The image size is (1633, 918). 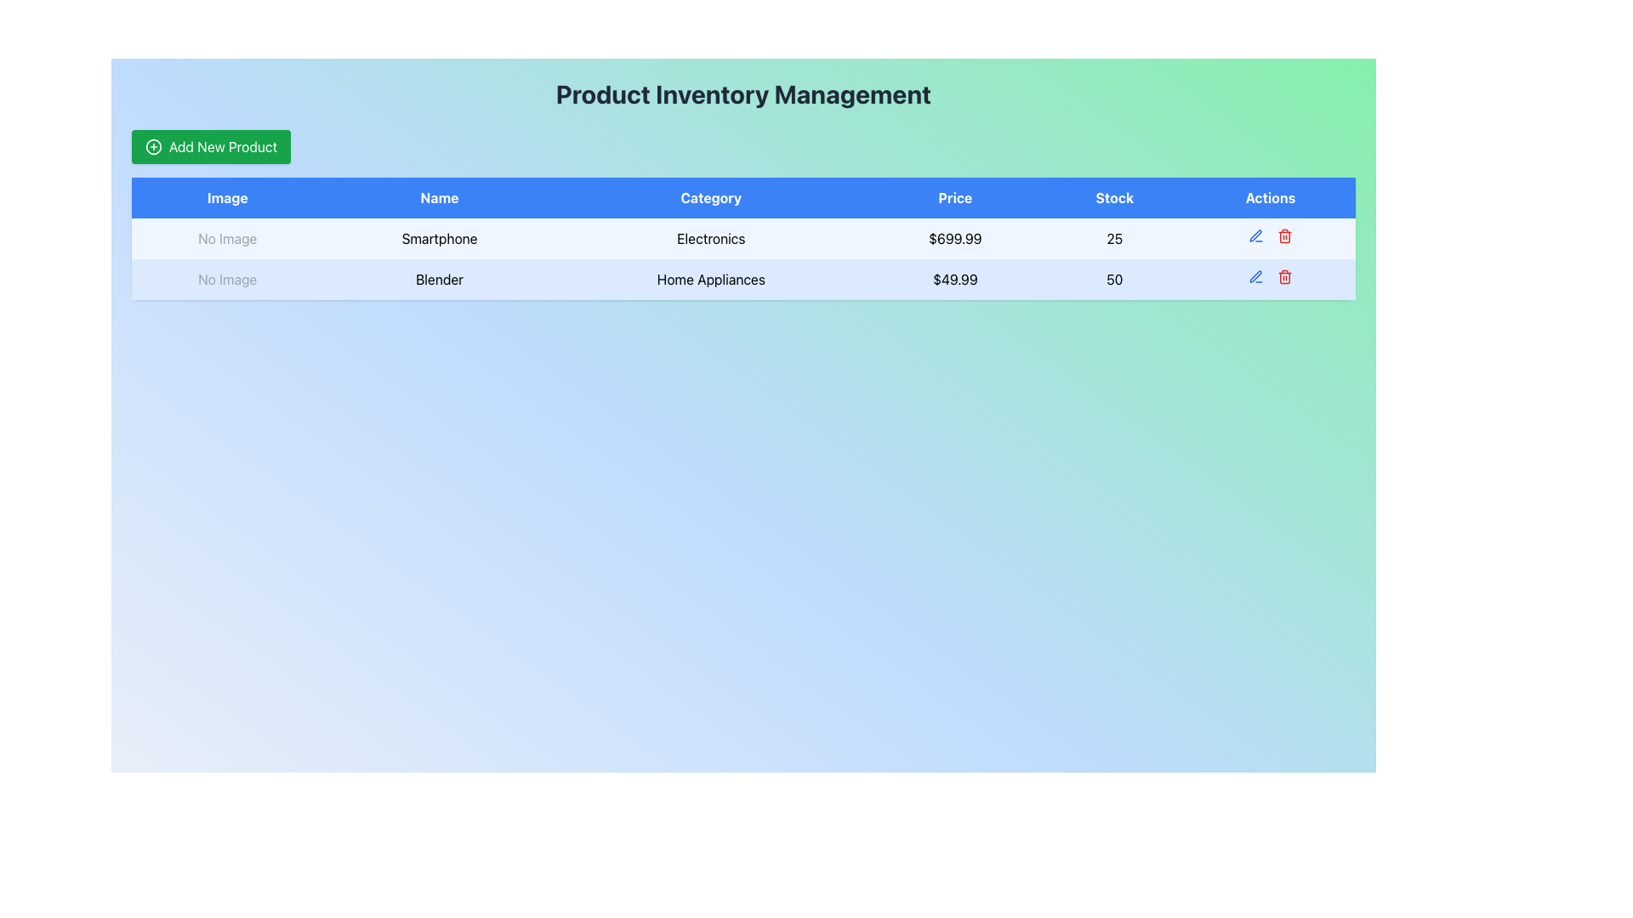 What do you see at coordinates (226, 239) in the screenshot?
I see `the non-interactive text label indicating the absence of an image for the 'Smartphone' product in the first cell of the 'Image' column` at bounding box center [226, 239].